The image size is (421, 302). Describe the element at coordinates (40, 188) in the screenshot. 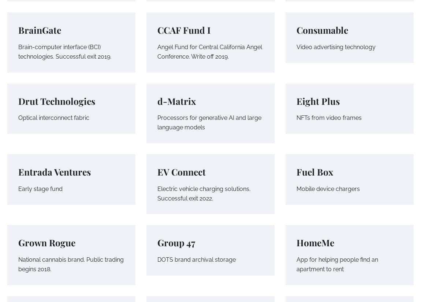

I see `'Early stage fund'` at that location.